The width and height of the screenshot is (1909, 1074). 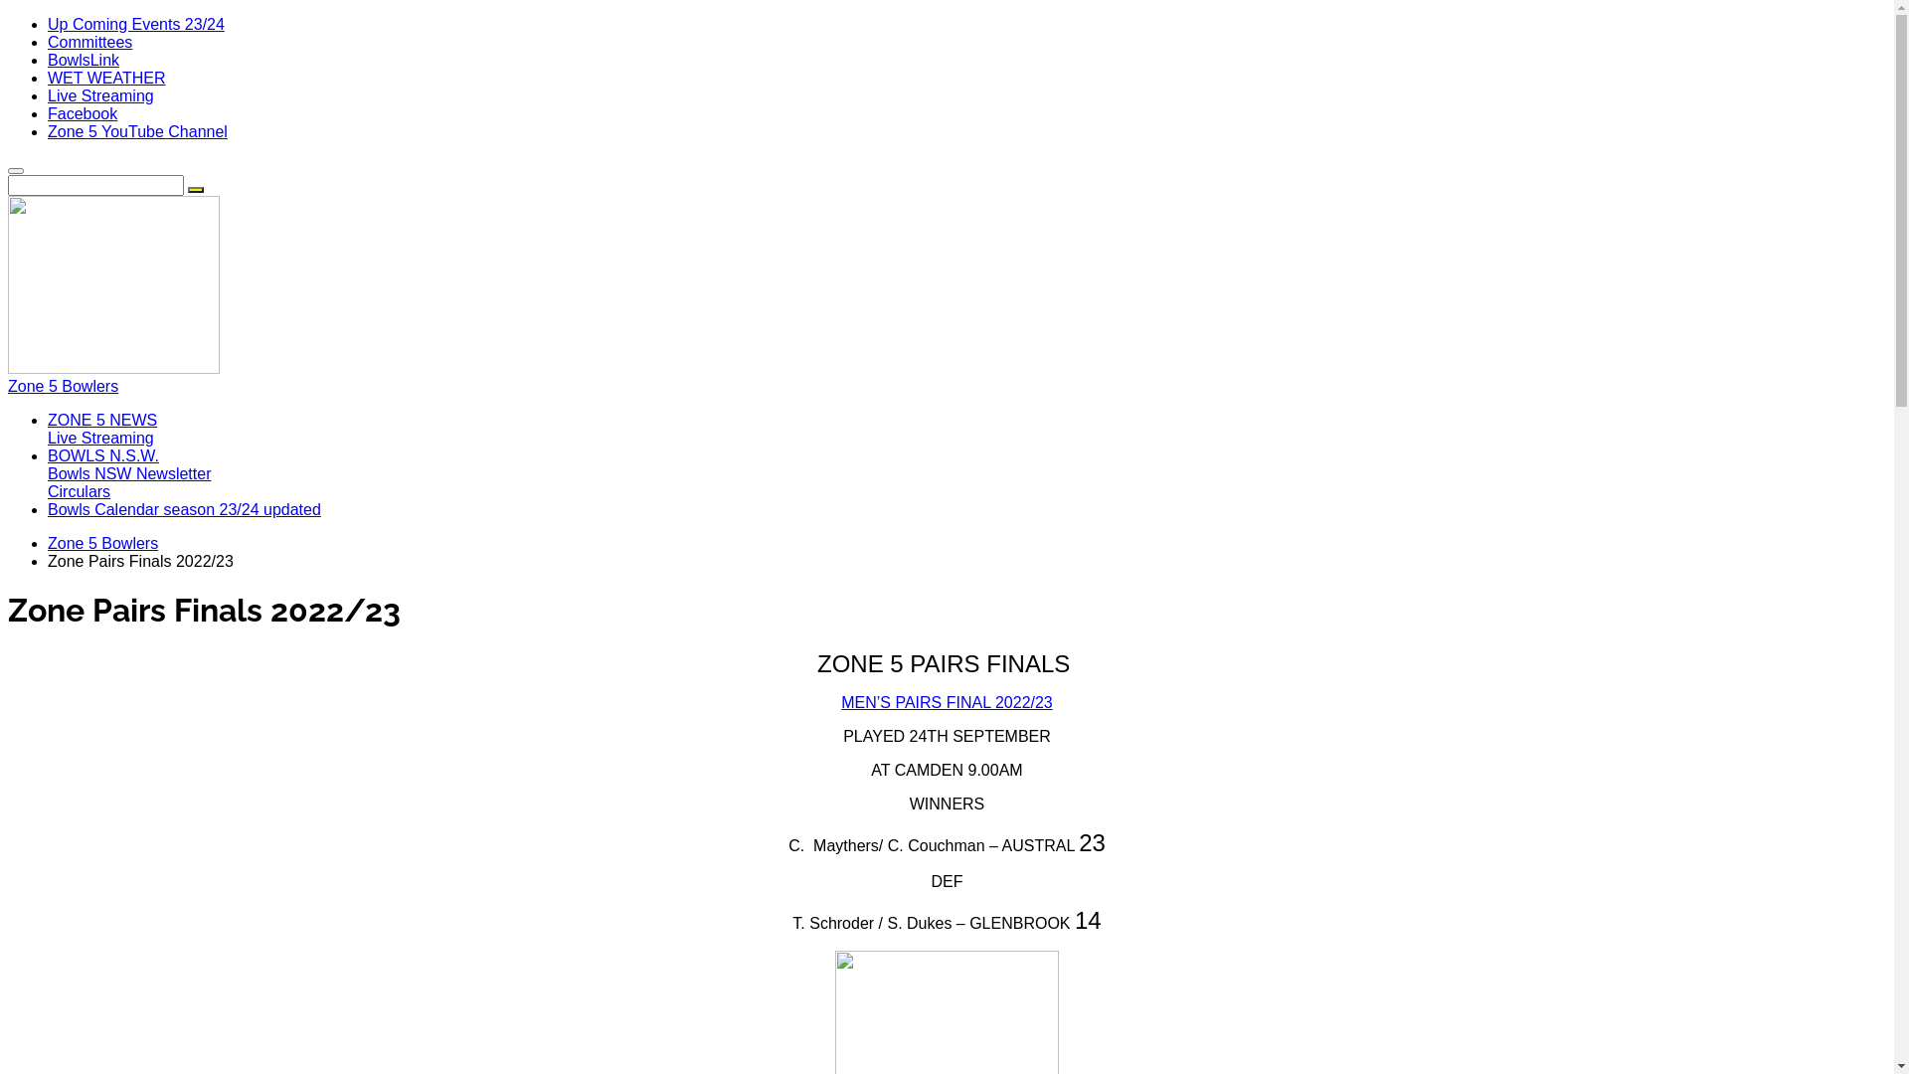 What do you see at coordinates (135, 24) in the screenshot?
I see `'Up Coming Events 23/24'` at bounding box center [135, 24].